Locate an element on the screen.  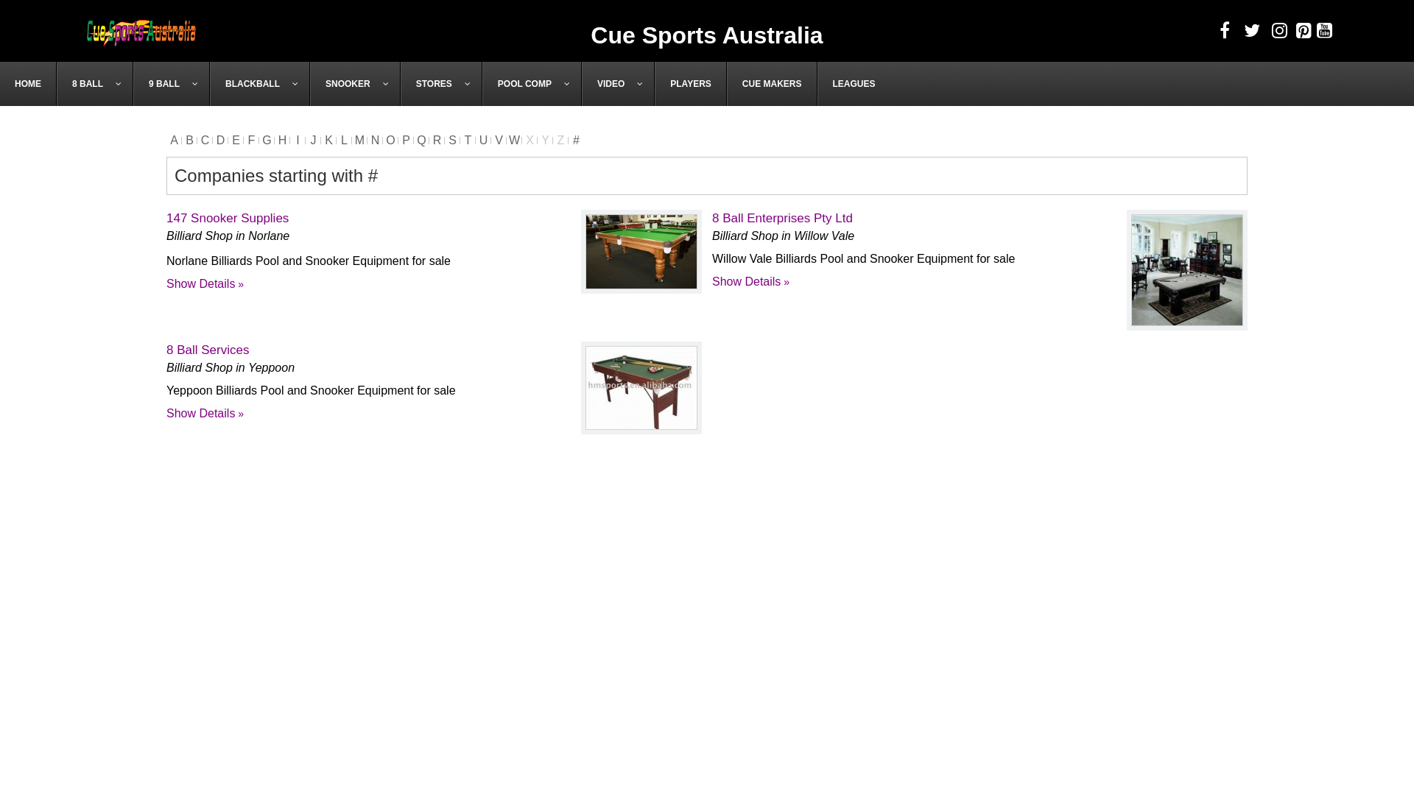
'HOME' is located at coordinates (28, 84).